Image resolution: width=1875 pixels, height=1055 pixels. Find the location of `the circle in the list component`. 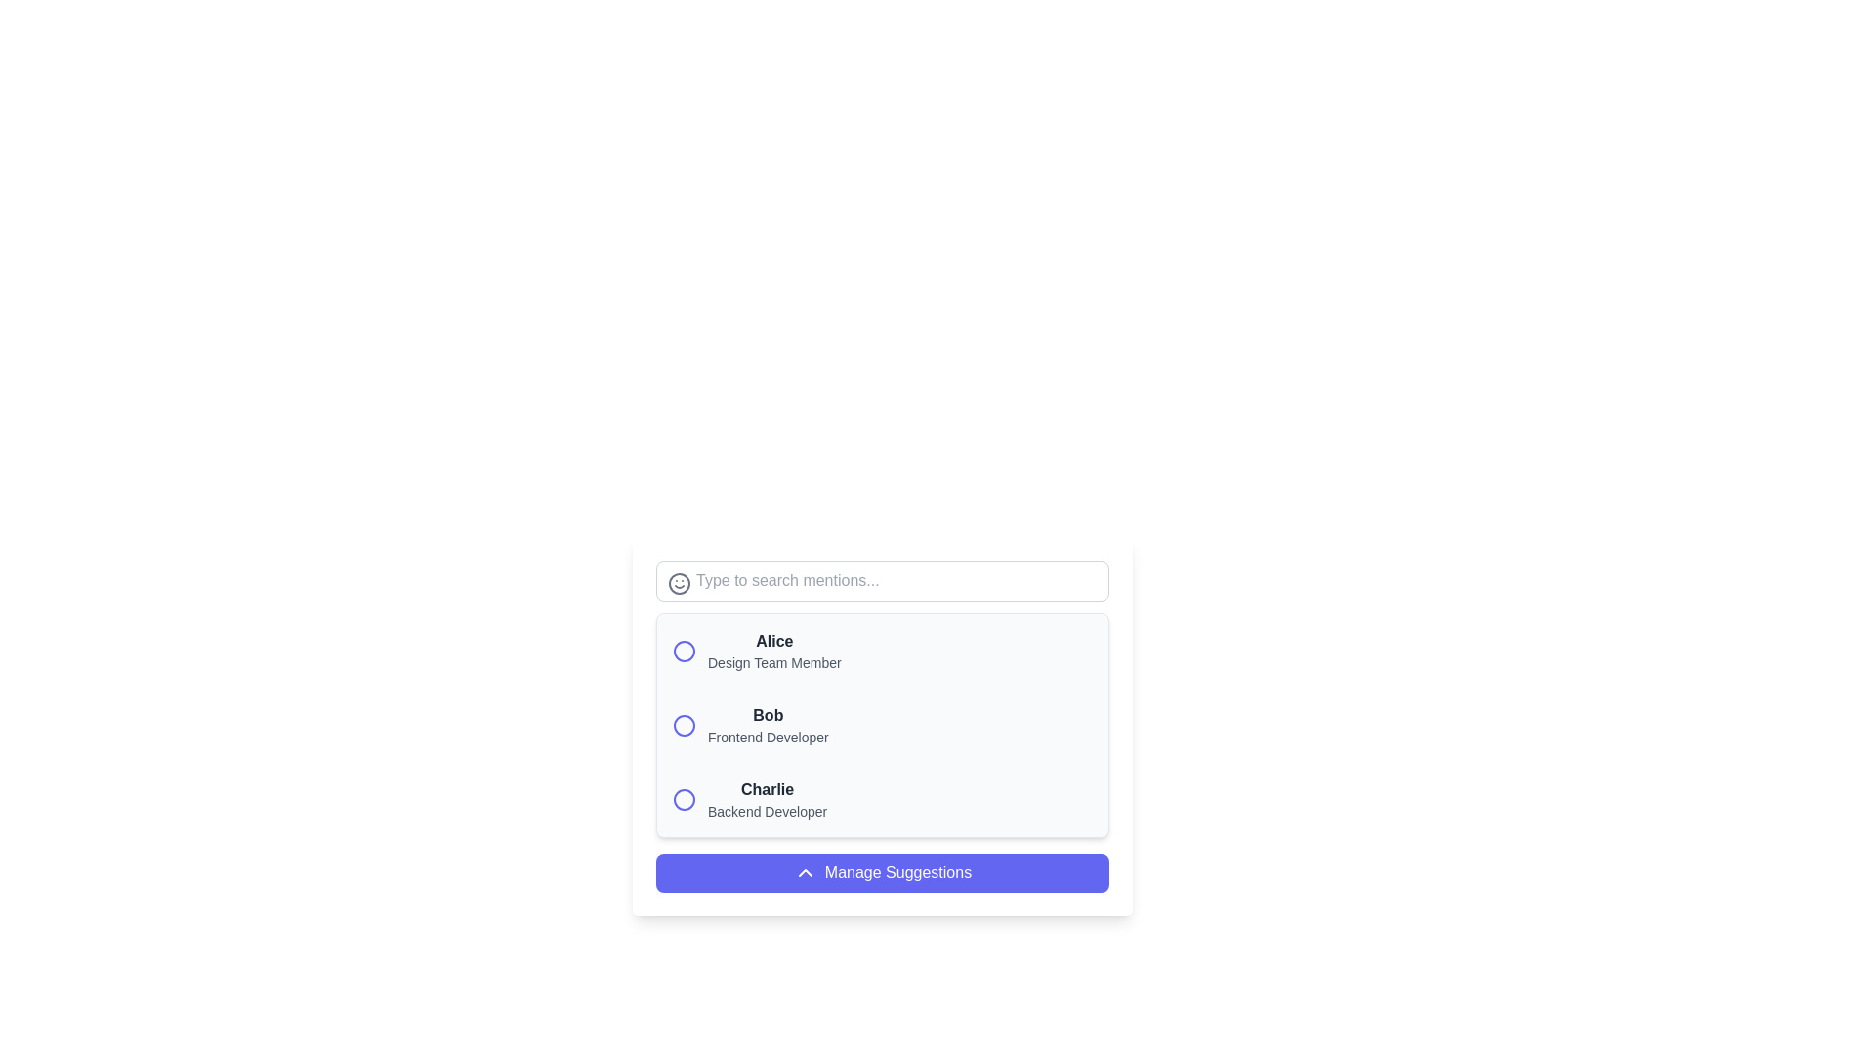

the circle in the list component is located at coordinates (881, 727).